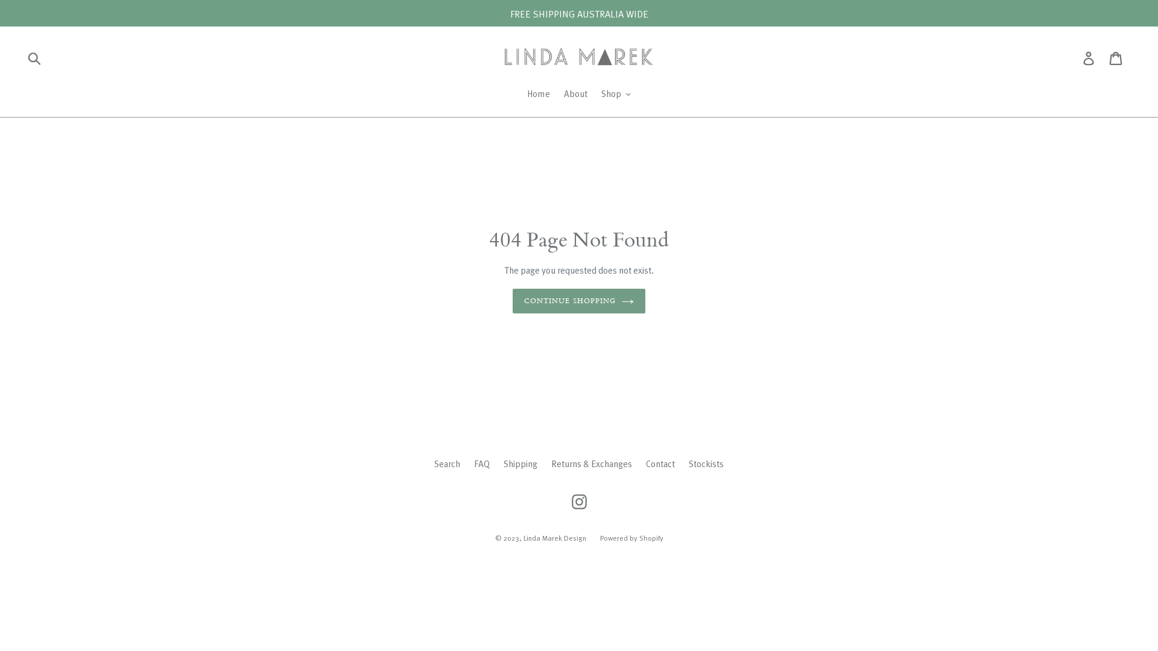 The image size is (1158, 651). I want to click on 'Cart', so click(1116, 58).